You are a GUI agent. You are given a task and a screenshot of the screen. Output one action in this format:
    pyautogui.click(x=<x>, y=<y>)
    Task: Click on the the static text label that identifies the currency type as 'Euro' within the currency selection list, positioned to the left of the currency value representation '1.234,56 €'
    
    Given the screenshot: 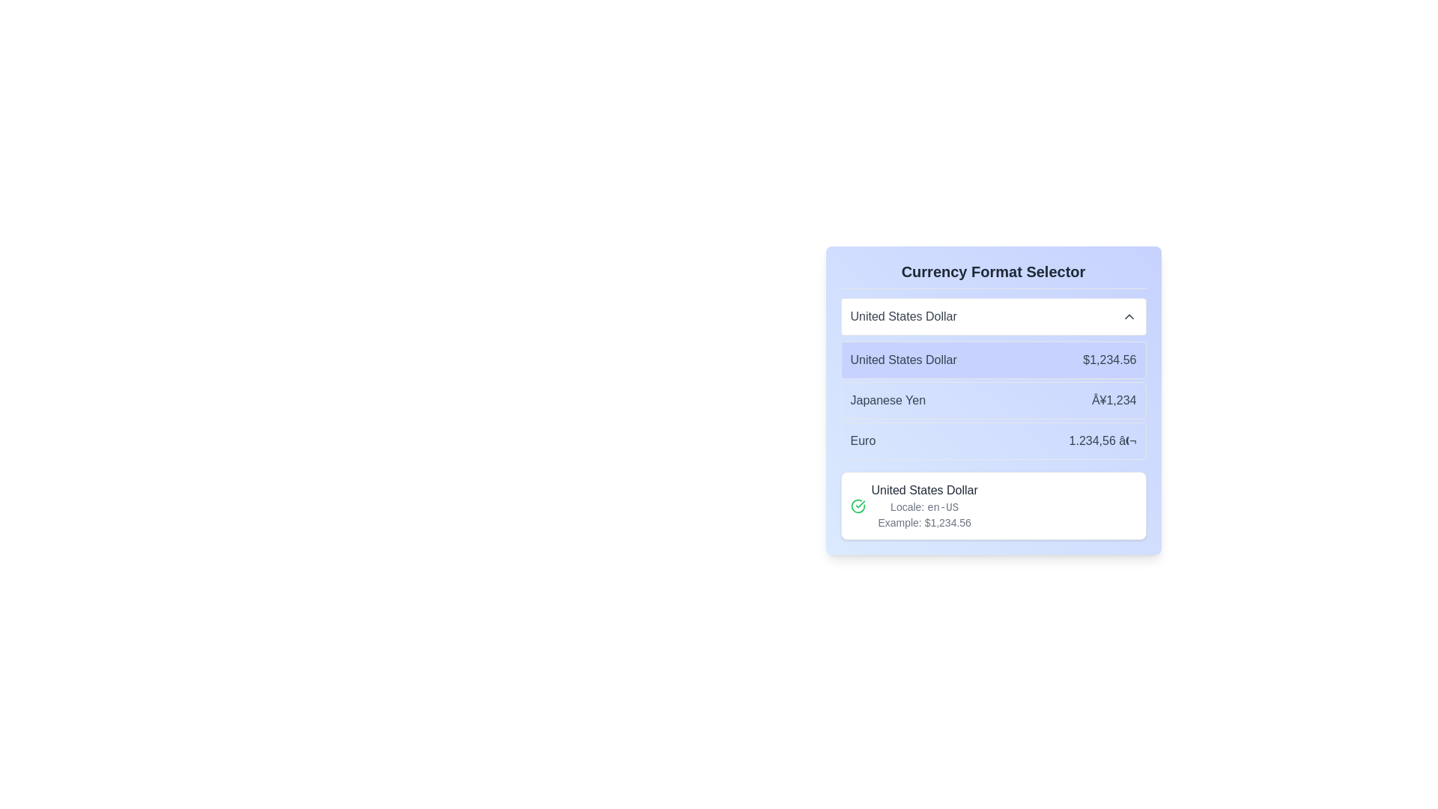 What is the action you would take?
    pyautogui.click(x=863, y=440)
    